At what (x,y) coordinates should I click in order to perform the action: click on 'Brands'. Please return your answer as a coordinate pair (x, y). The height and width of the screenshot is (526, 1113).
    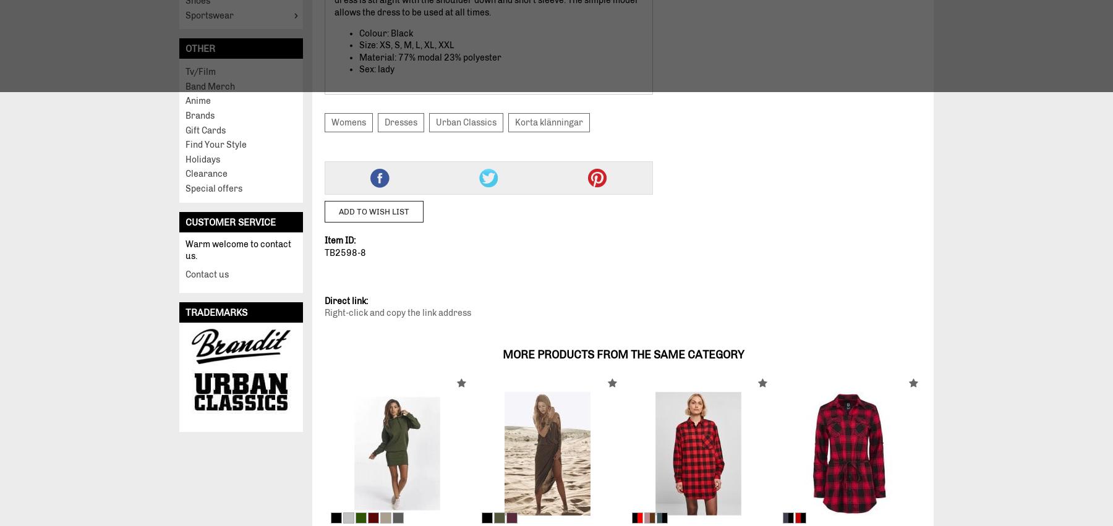
    Looking at the image, I should click on (199, 115).